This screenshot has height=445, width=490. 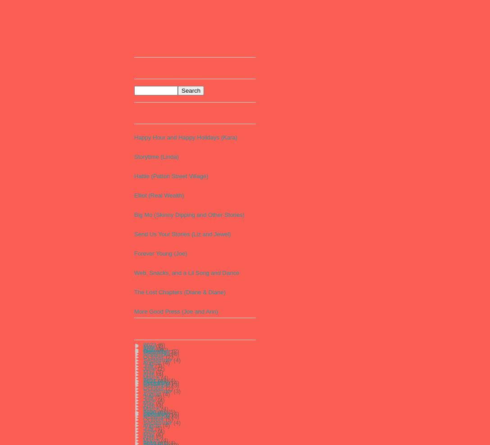 What do you see at coordinates (150, 381) in the screenshot?
I see `'2021'` at bounding box center [150, 381].